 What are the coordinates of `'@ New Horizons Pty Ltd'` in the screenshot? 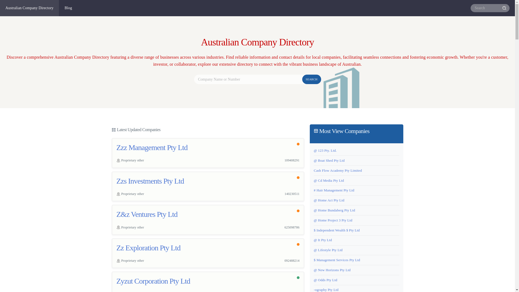 It's located at (332, 270).